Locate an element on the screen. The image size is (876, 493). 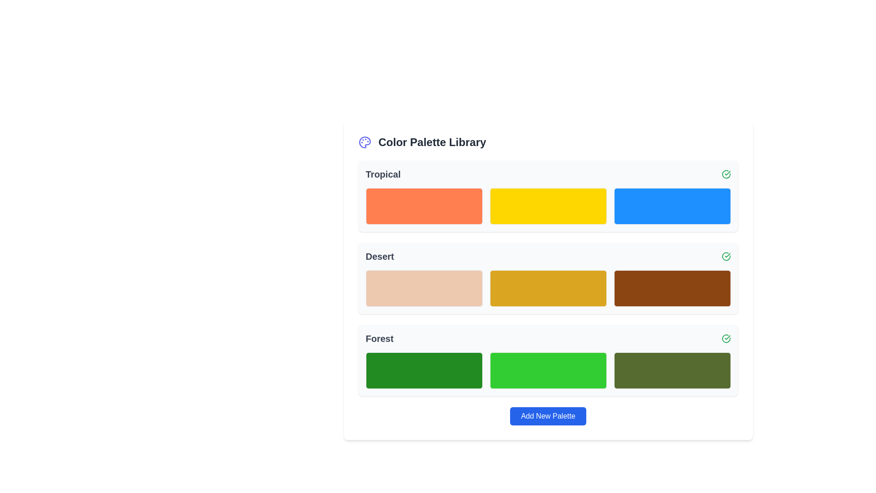
the grid element containing three rectangular color preview blocks labeled 'Tropical' is located at coordinates (547, 206).